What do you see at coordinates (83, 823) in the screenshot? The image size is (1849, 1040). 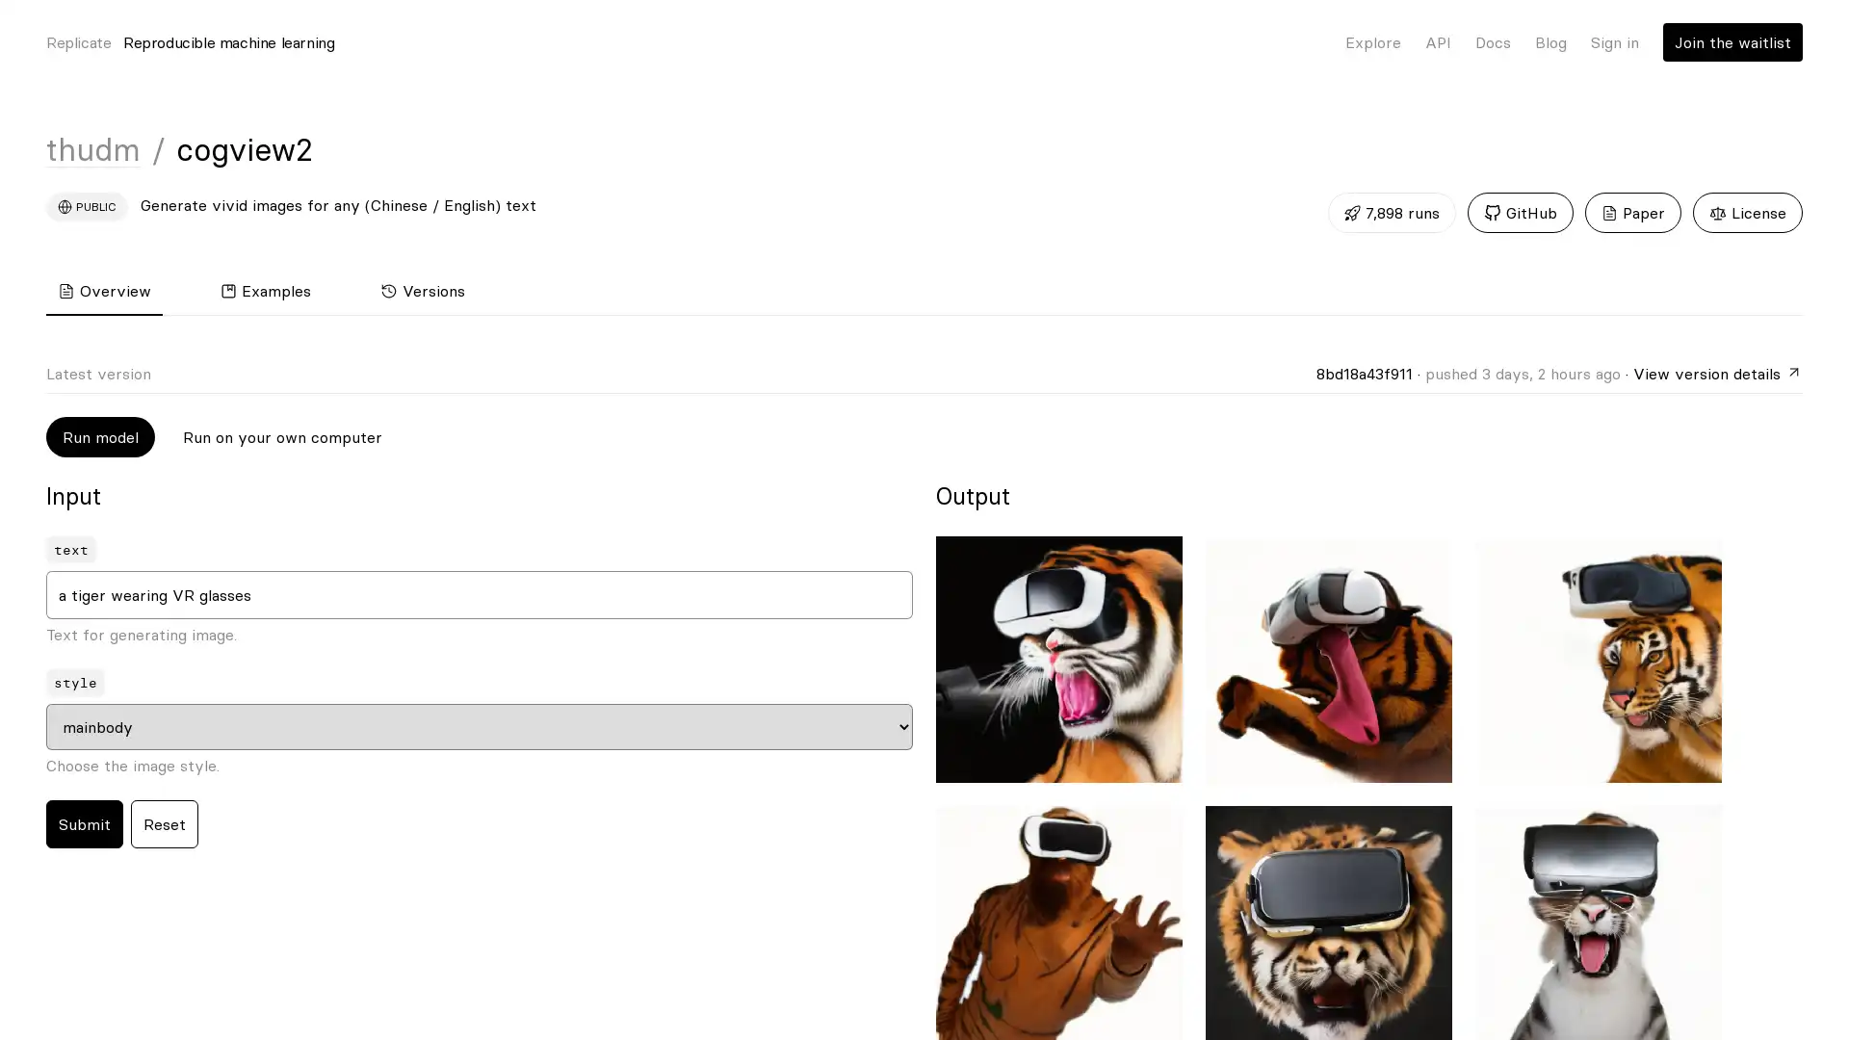 I see `Submit` at bounding box center [83, 823].